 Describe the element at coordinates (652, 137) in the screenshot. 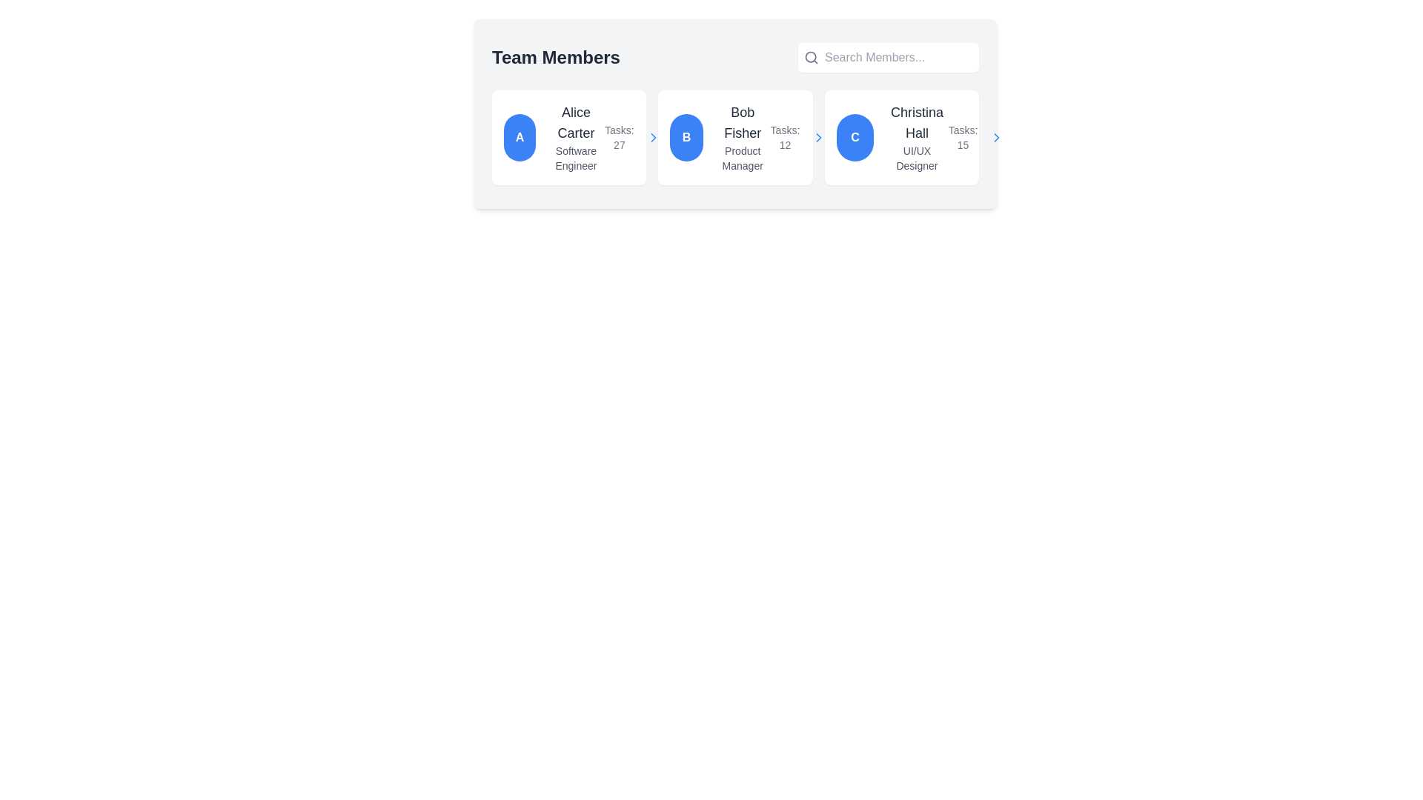

I see `the button located to the right of the 'Tasks: 27' text to observe styling changes` at that location.